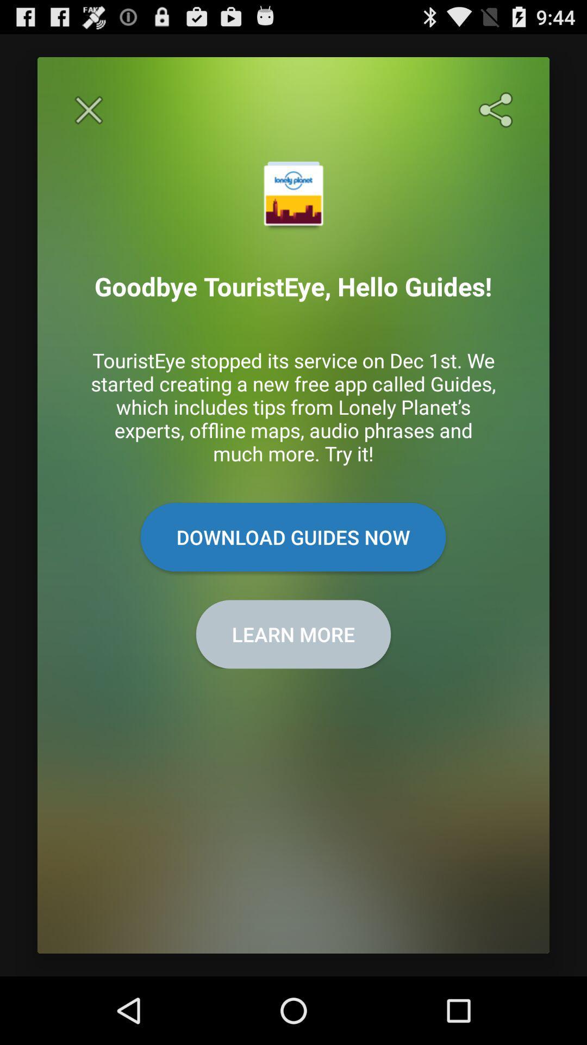 The width and height of the screenshot is (587, 1045). Describe the element at coordinates (498, 110) in the screenshot. I see `share article` at that location.